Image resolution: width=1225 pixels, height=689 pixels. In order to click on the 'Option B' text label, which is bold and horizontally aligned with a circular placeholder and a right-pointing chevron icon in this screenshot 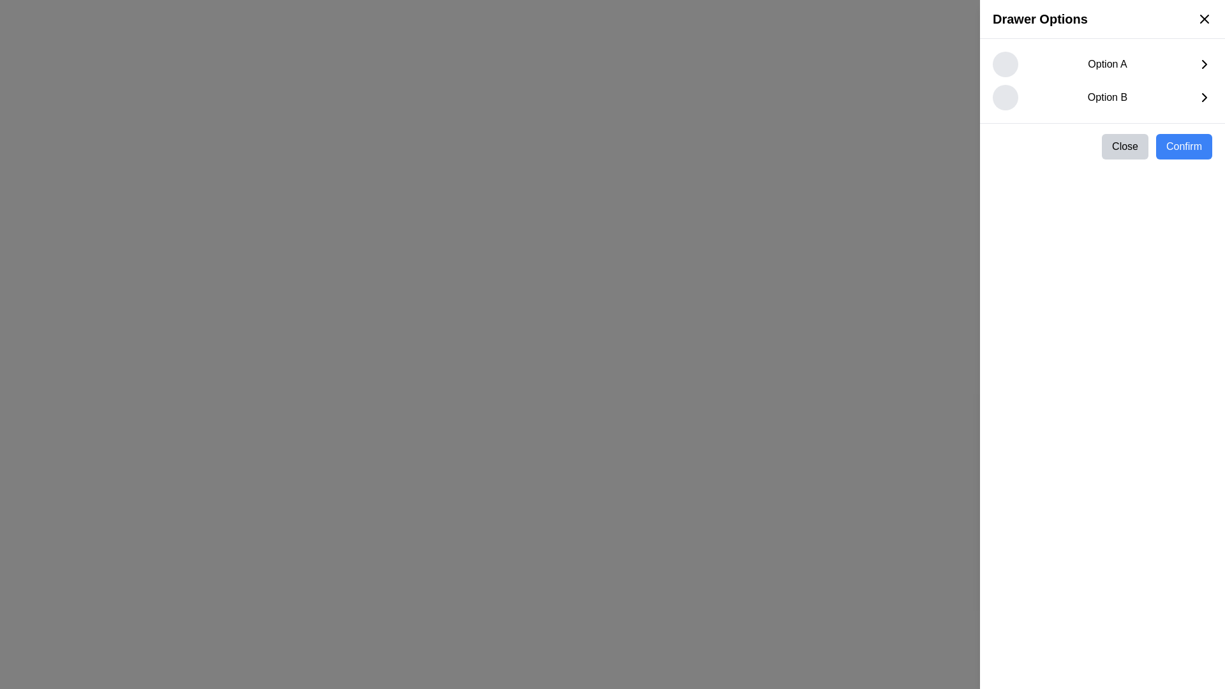, I will do `click(1107, 97)`.